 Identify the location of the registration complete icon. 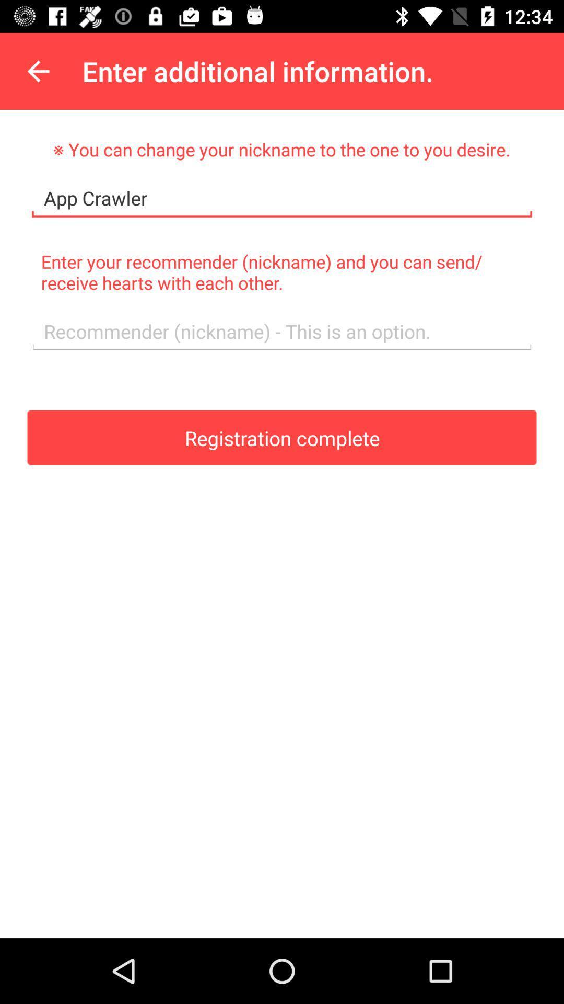
(282, 437).